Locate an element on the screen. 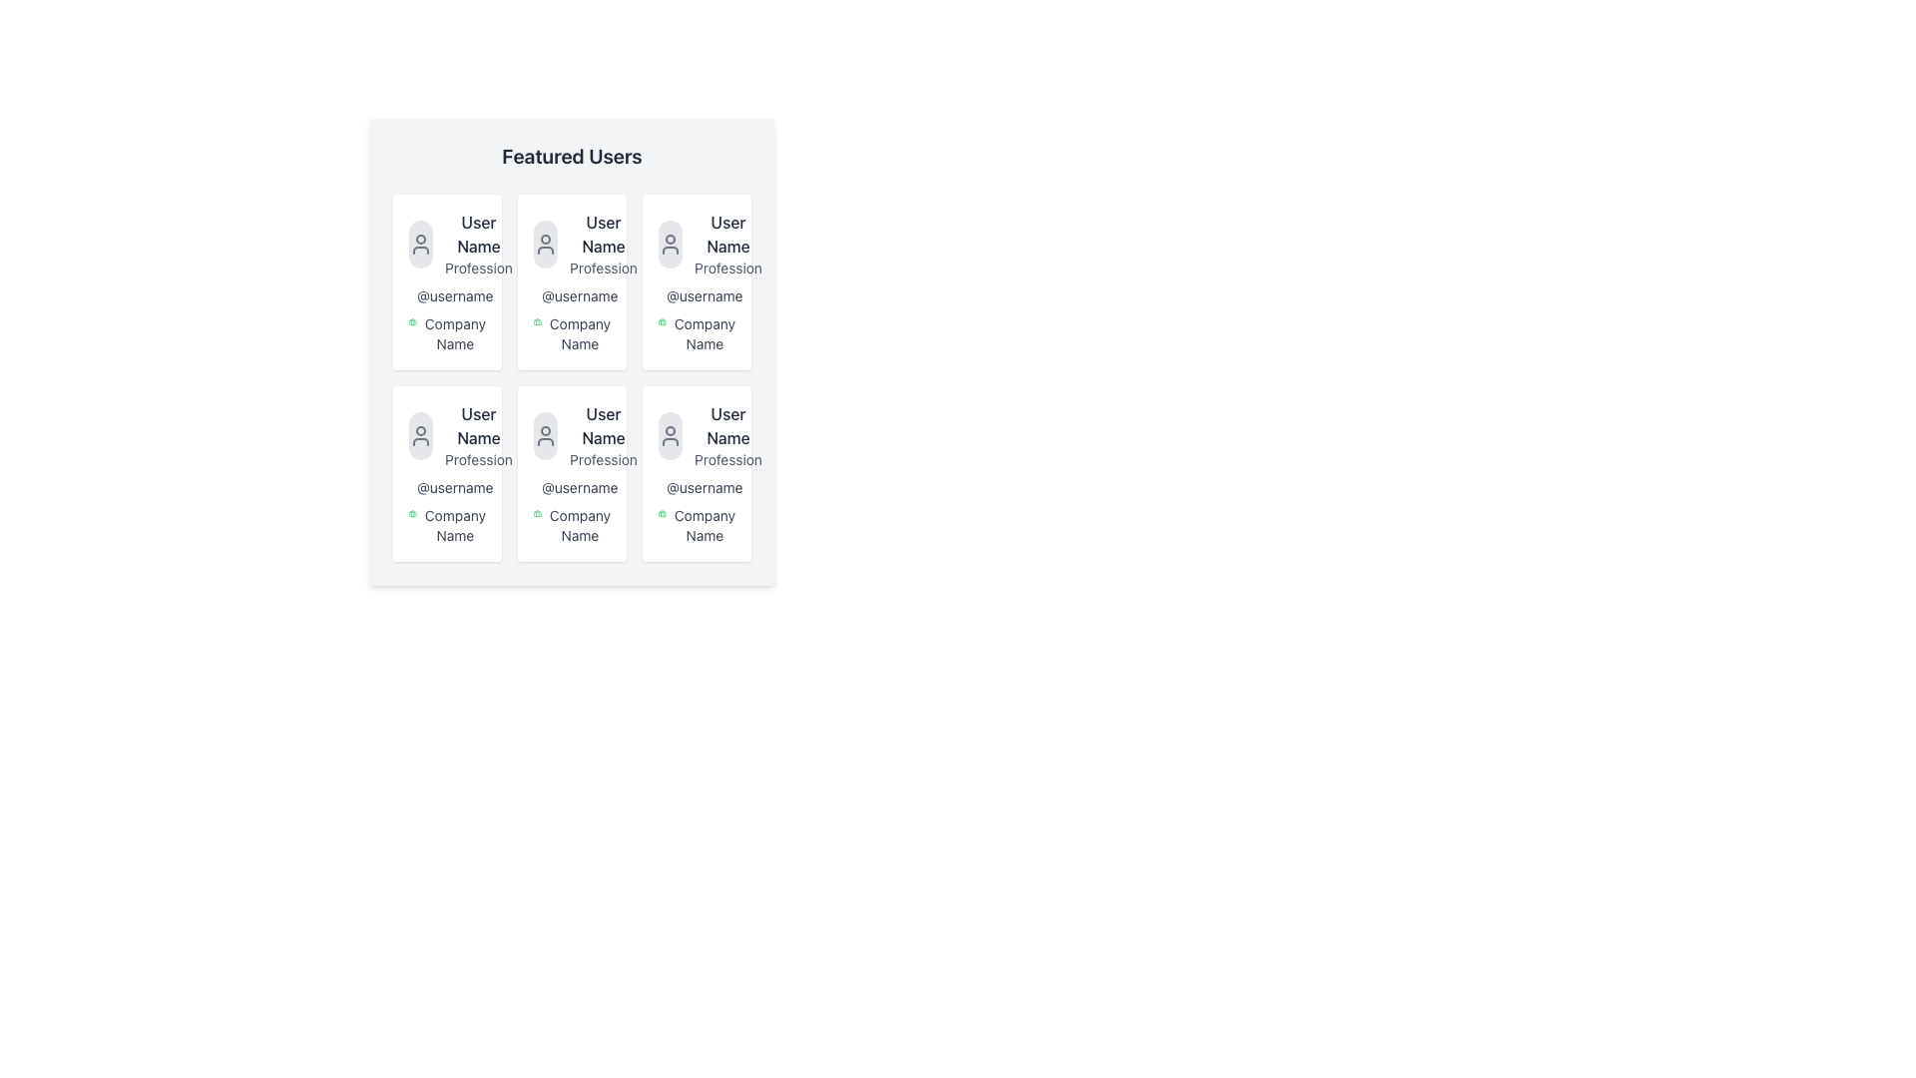 Image resolution: width=1916 pixels, height=1078 pixels. company name text label located in the central column of the second row of user profile cards, situated below the username text element is located at coordinates (705, 333).